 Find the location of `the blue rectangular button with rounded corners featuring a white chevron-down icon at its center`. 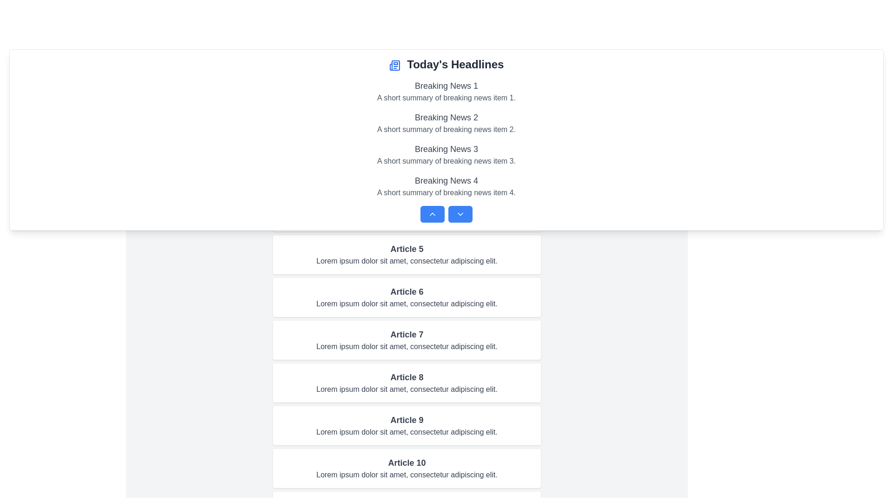

the blue rectangular button with rounded corners featuring a white chevron-down icon at its center is located at coordinates (460, 214).